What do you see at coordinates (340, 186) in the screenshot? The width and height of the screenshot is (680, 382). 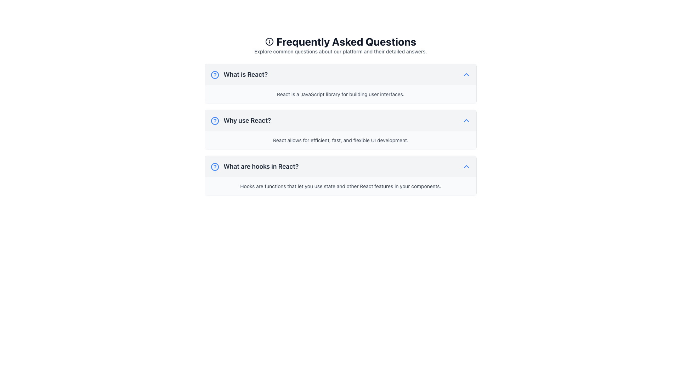 I see `the informational text block that describes hooks in React, located immediately below the question 'What are hooks in React?' in the Frequently Asked Questions section` at bounding box center [340, 186].